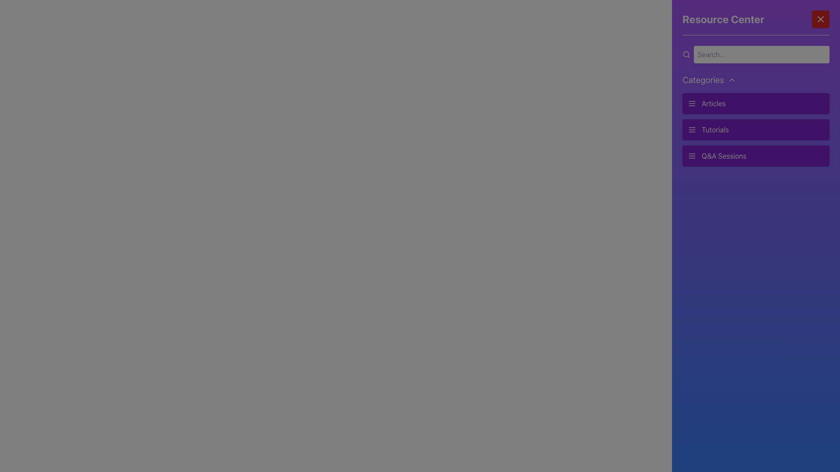 The image size is (840, 472). Describe the element at coordinates (756, 22) in the screenshot. I see `text content of the header located at the top of the right-hand vertical panel, which serves as a title for the surrounding panel content` at that location.